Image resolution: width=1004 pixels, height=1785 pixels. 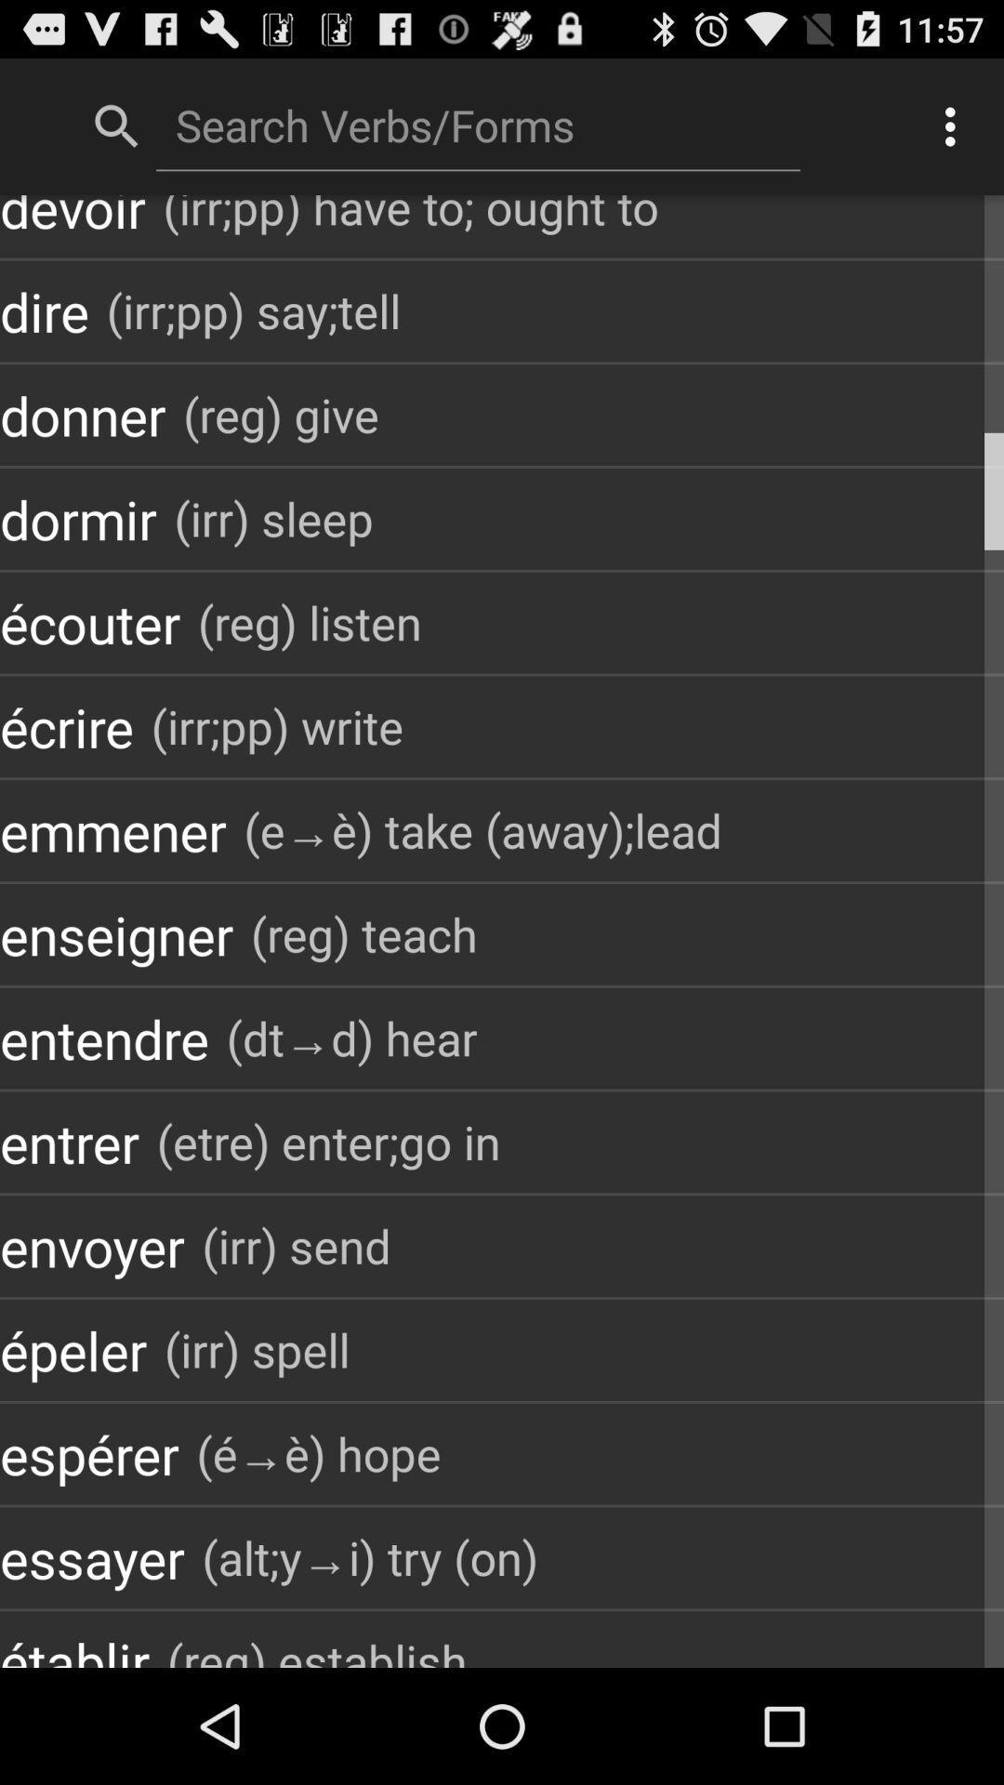 What do you see at coordinates (77, 519) in the screenshot?
I see `the icon to the left of the (irr) sleep item` at bounding box center [77, 519].